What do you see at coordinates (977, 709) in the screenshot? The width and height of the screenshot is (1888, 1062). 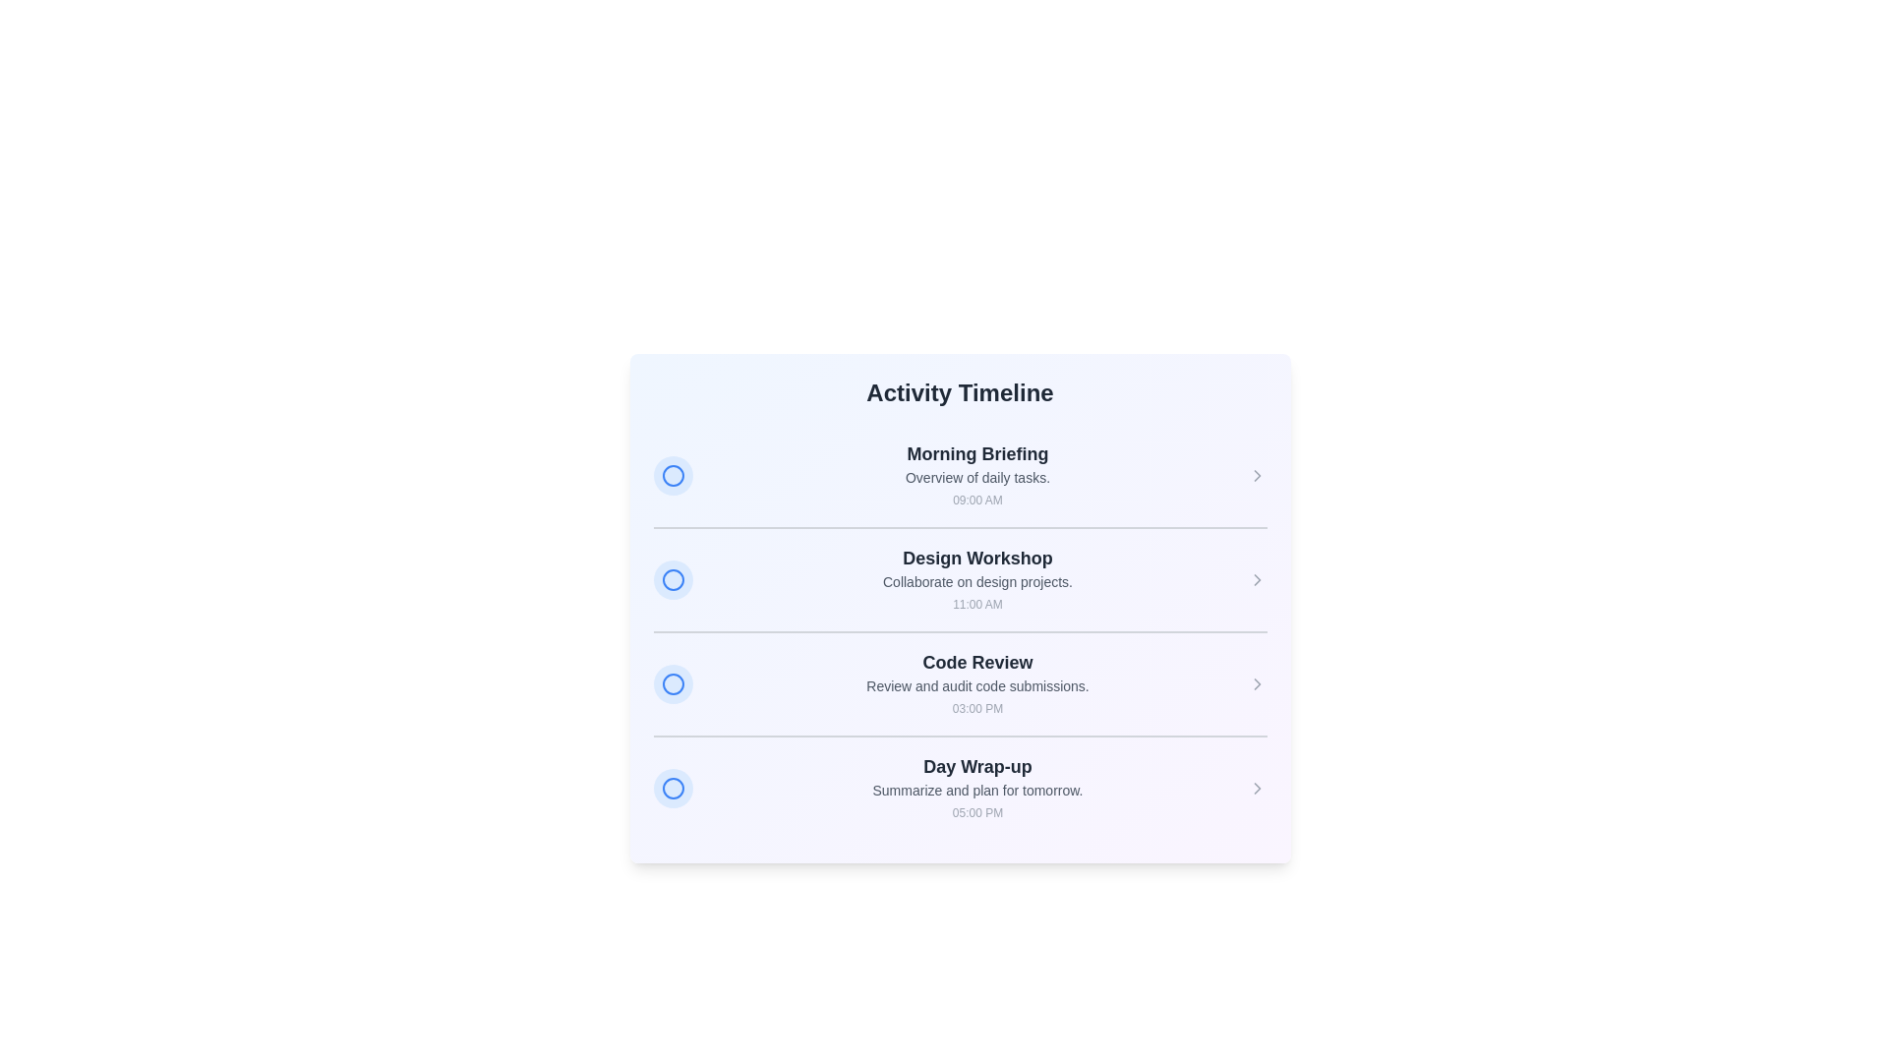 I see `displayed time from the text label showing '03:00 PM', which is located at the bottom-right corner of the information block for 'Code Review'` at bounding box center [977, 709].